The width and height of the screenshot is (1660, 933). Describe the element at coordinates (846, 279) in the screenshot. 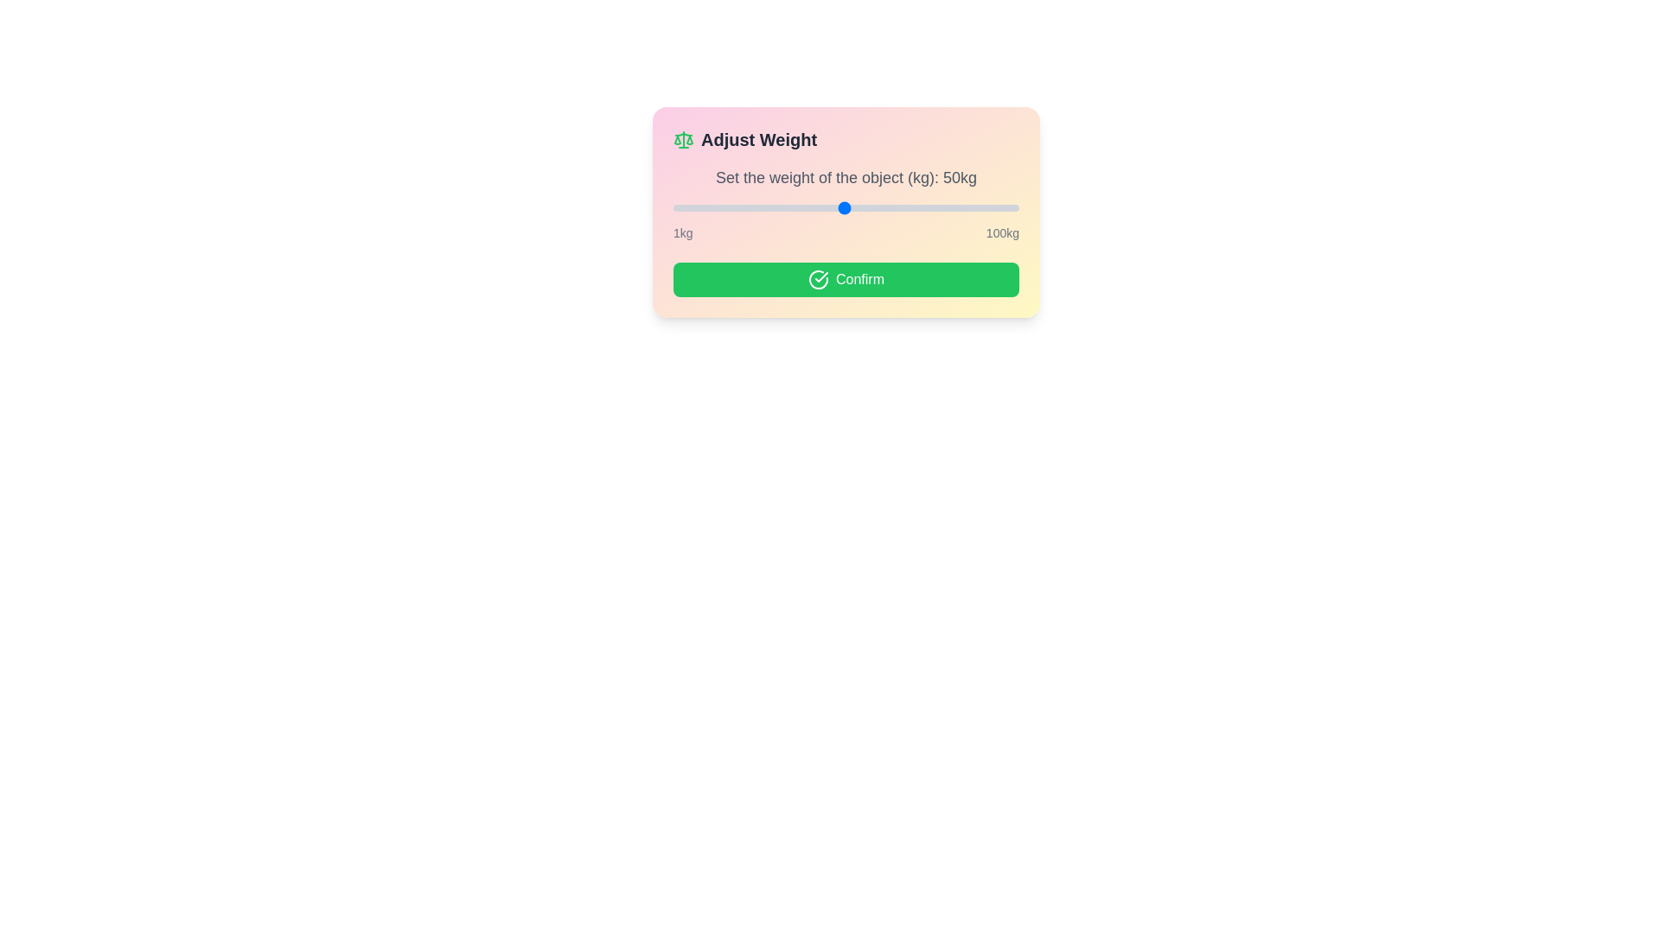

I see `'Confirm' button to submit the selected weight` at that location.